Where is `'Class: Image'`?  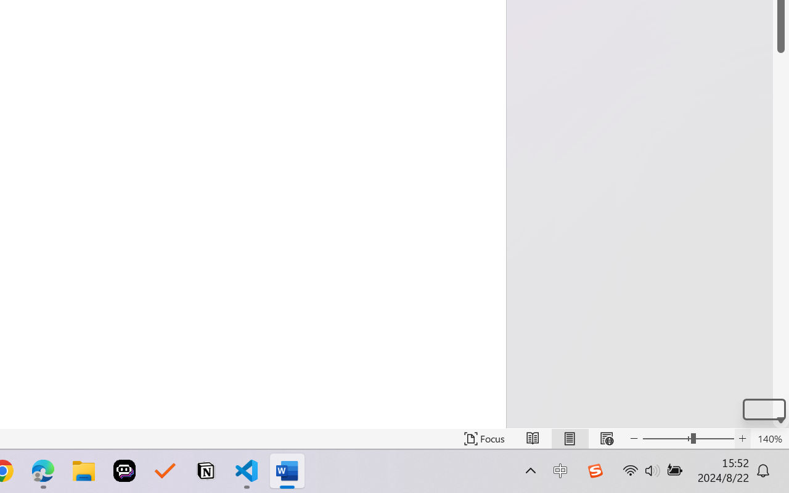
'Class: Image' is located at coordinates (595, 471).